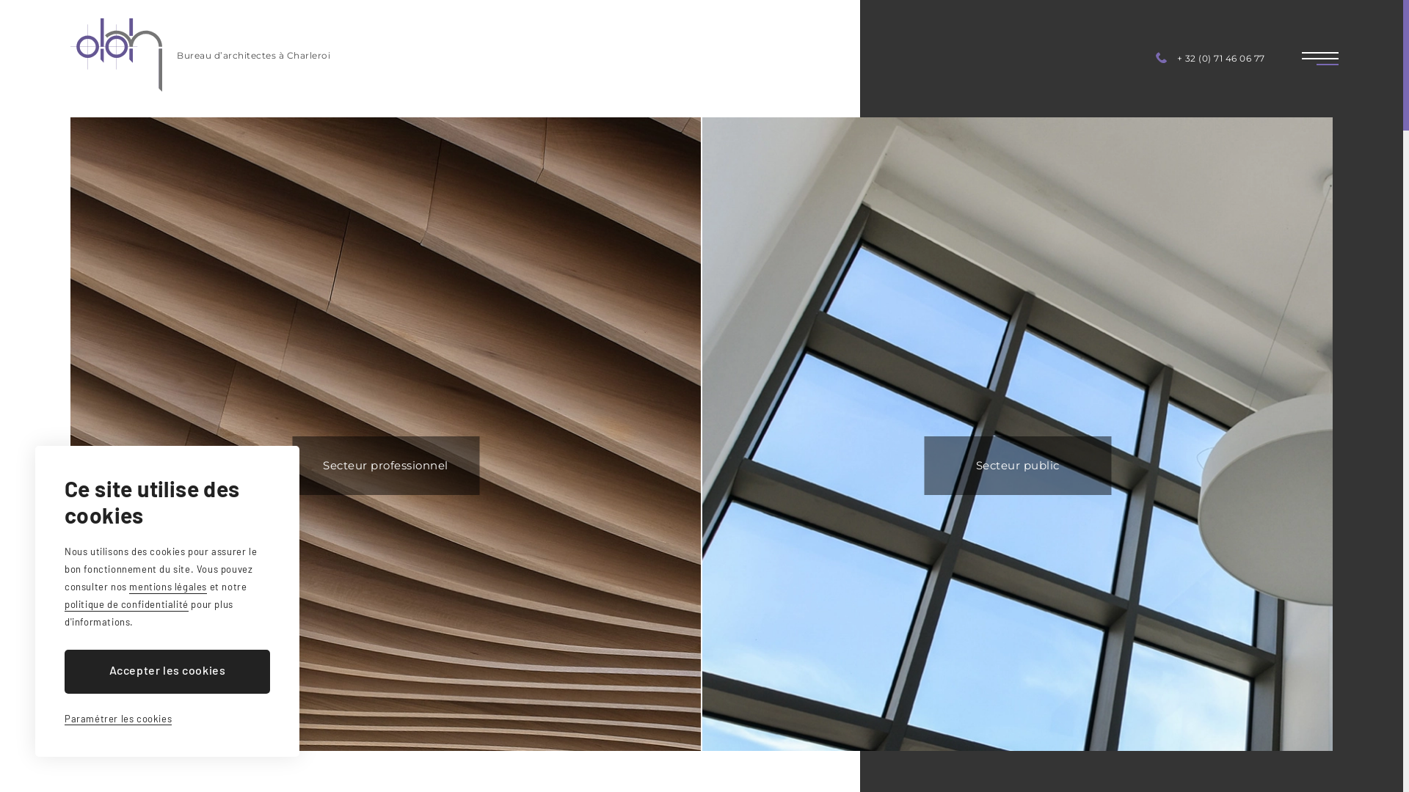  What do you see at coordinates (1210, 58) in the screenshot?
I see `'+ 32 (0) 71 46 06 77'` at bounding box center [1210, 58].